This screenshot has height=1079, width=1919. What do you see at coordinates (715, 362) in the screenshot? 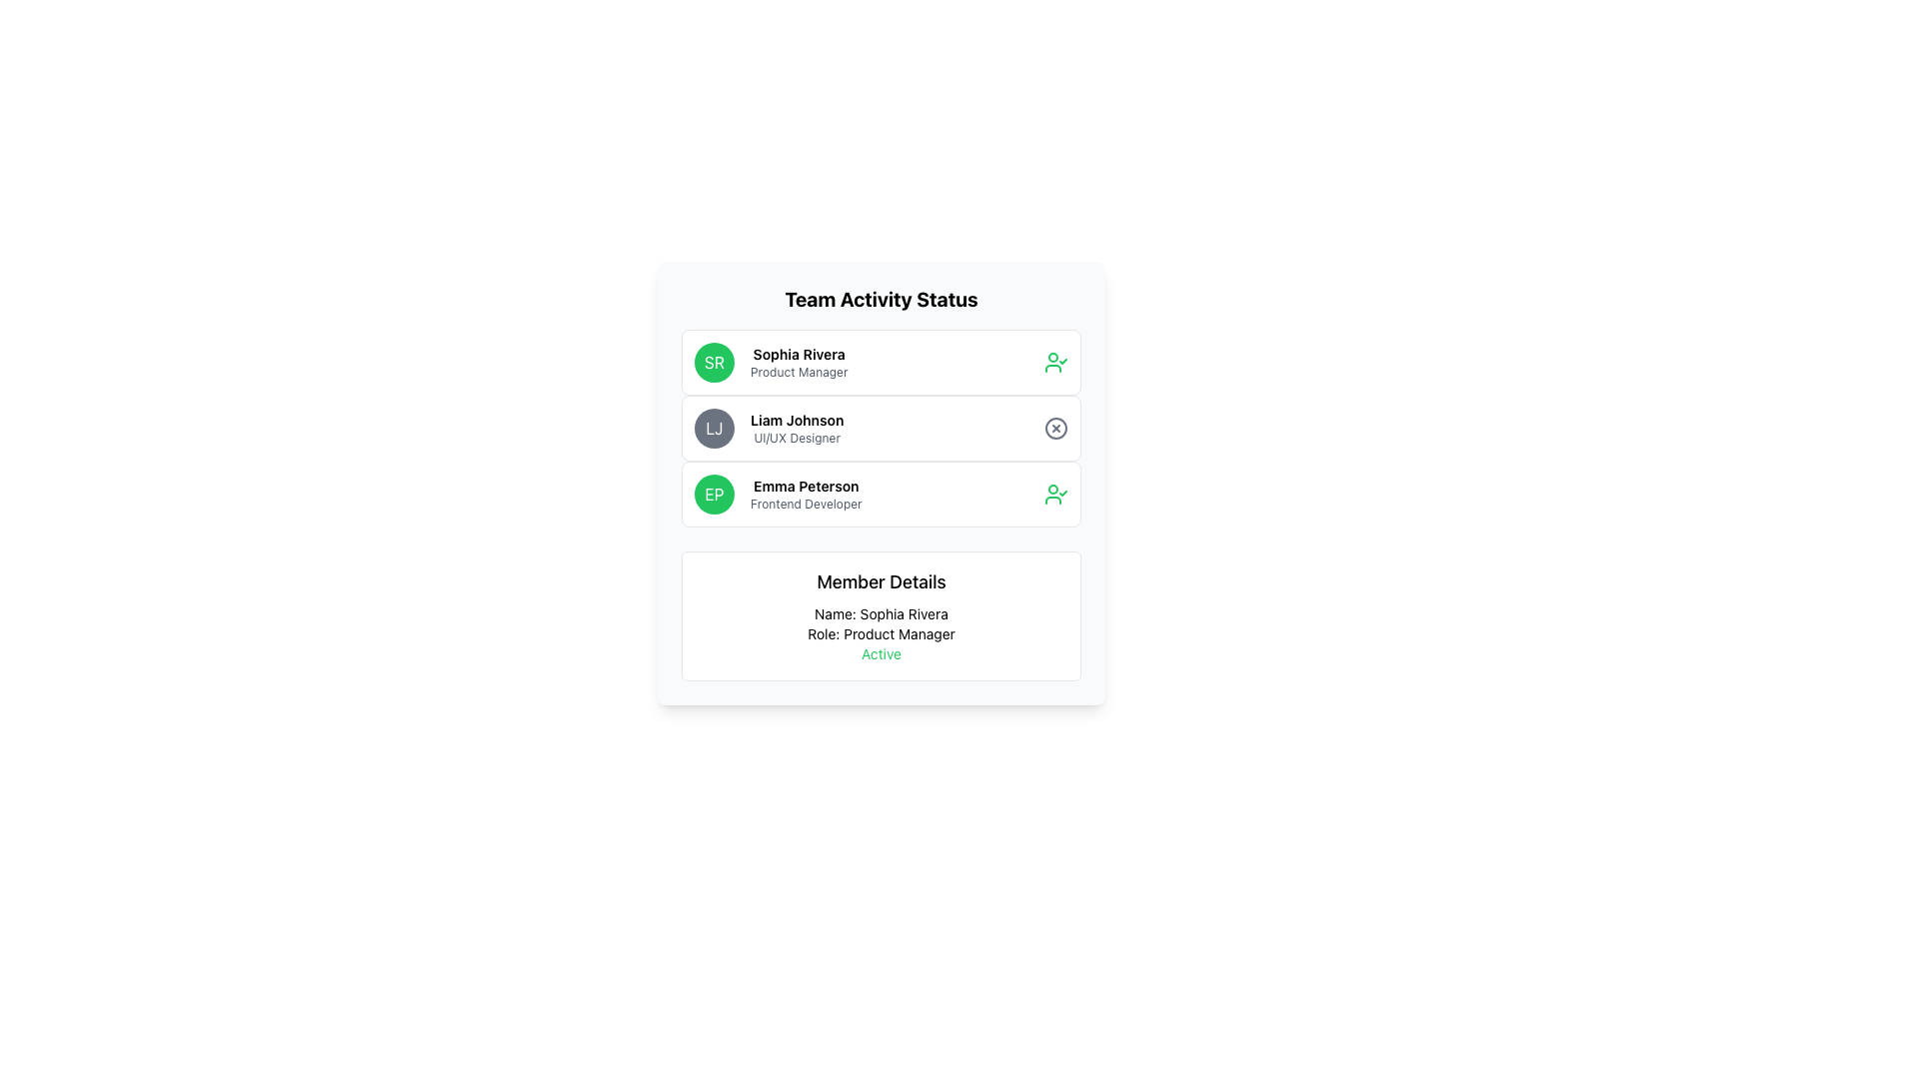
I see `the circular green button with white text 'SR' representing the Avatar of Sophia Rivera, located on the leftmost side of the first row in a vertically stacked list` at bounding box center [715, 362].